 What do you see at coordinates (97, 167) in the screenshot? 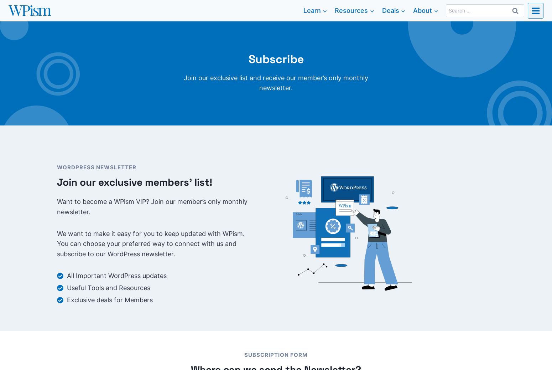
I see `'WordPress NewsLetter'` at bounding box center [97, 167].